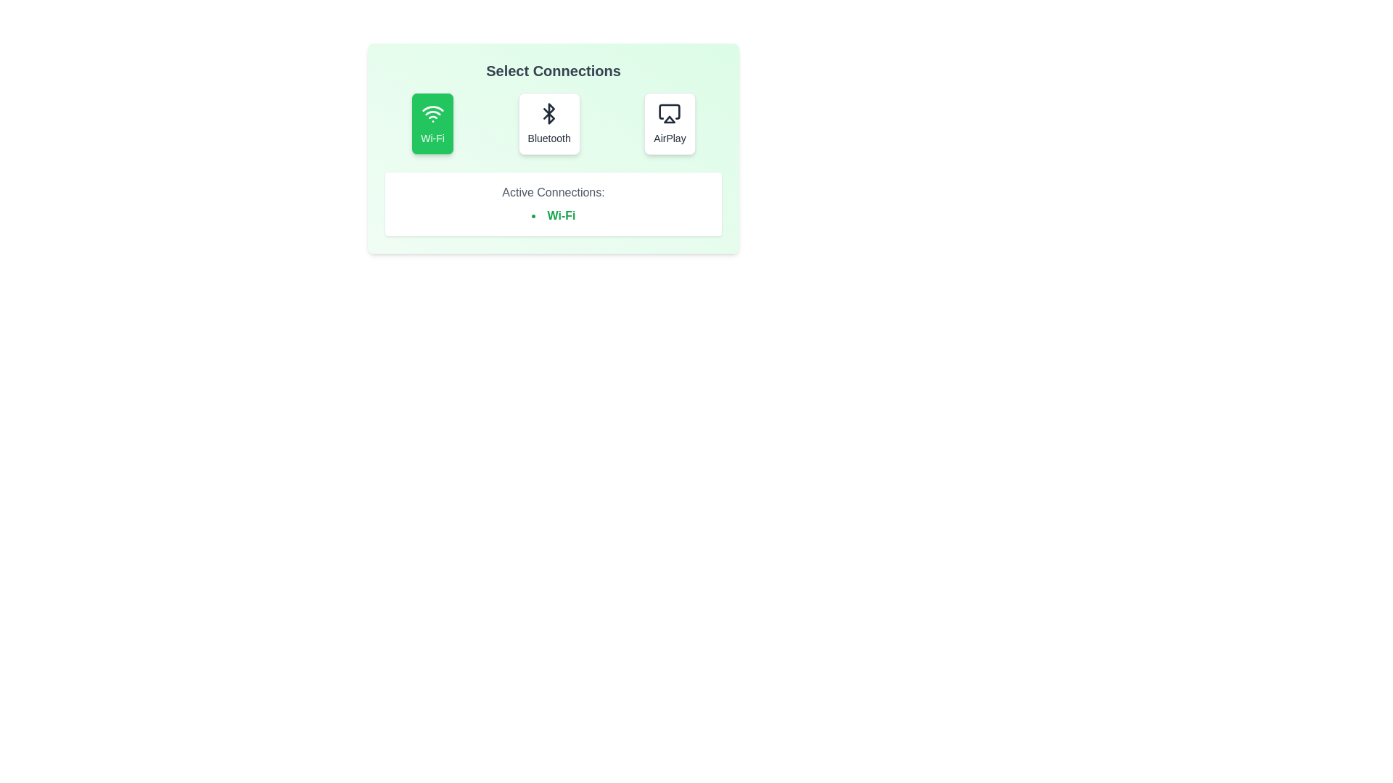 The height and width of the screenshot is (783, 1393). I want to click on the connection button corresponding to Bluetooth, so click(548, 123).